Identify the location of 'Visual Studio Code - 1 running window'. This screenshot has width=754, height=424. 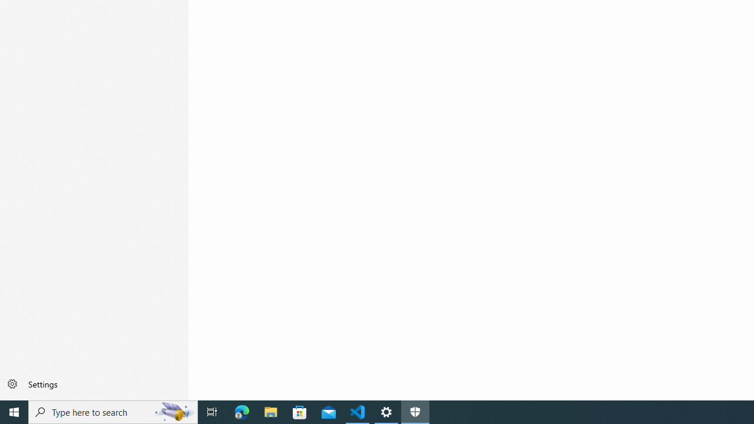
(357, 411).